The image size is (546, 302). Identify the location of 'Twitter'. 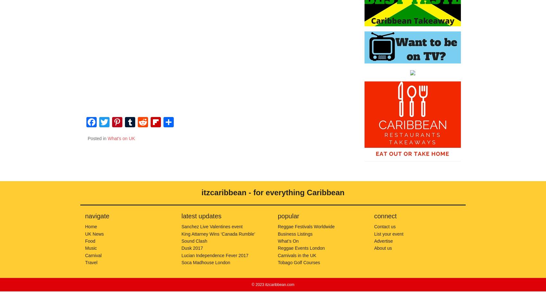
(109, 137).